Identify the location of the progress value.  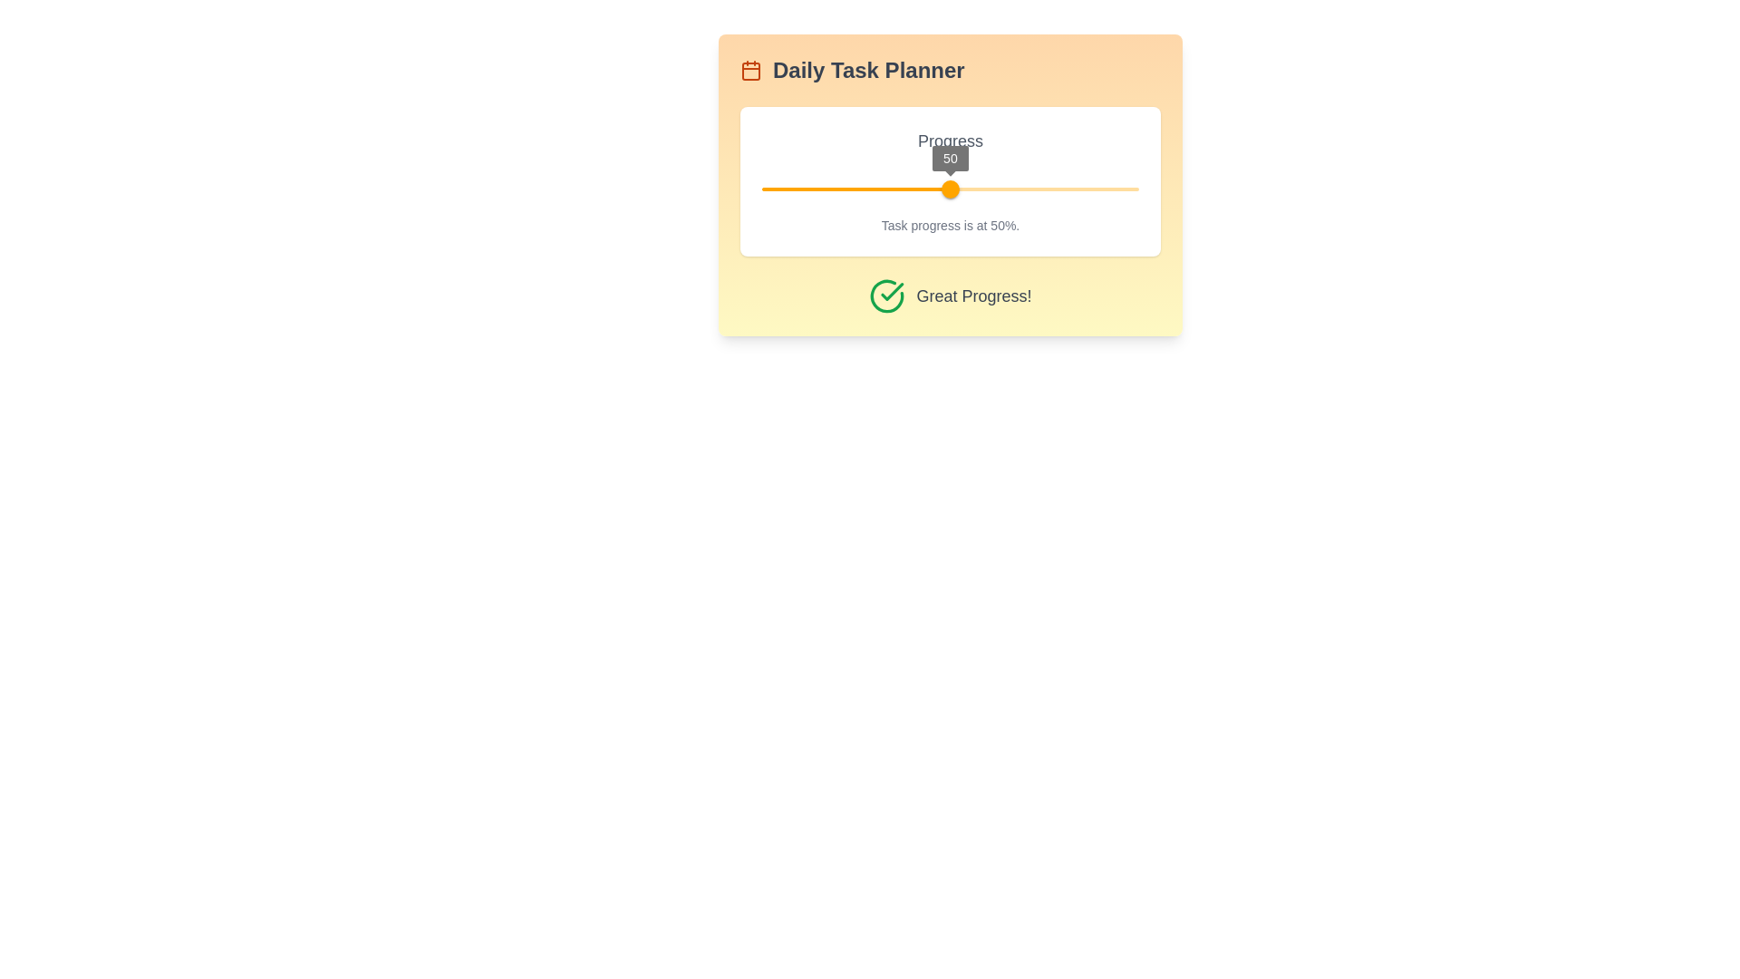
(952, 189).